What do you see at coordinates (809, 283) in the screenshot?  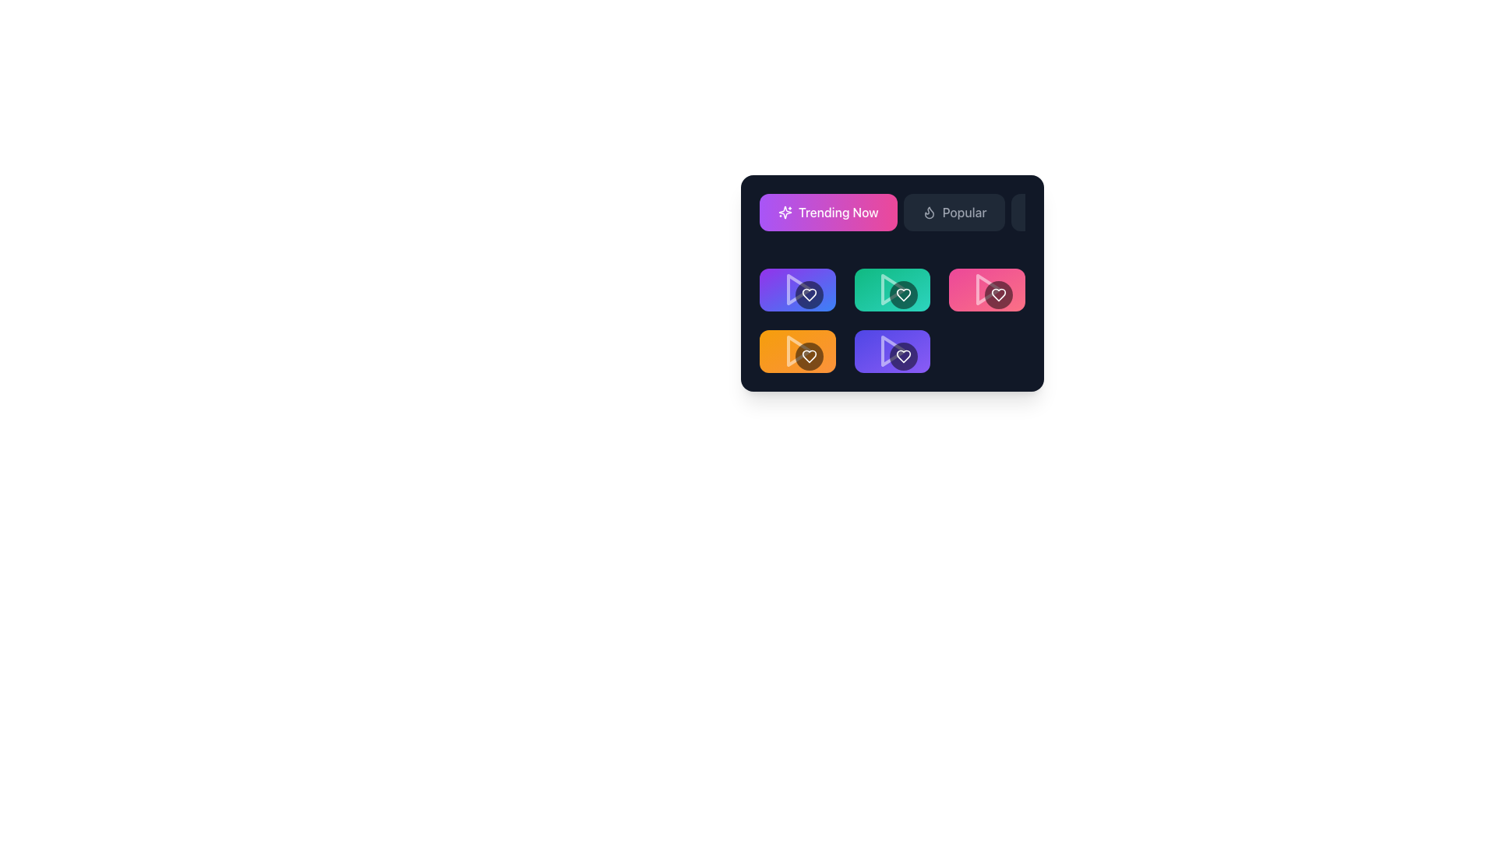 I see `the Interactive count display button` at bounding box center [809, 283].